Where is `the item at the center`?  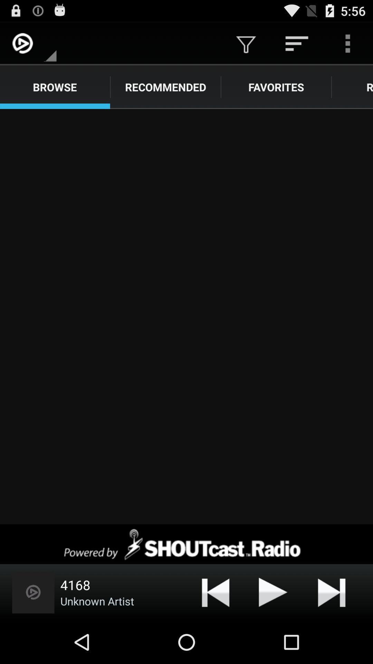
the item at the center is located at coordinates (186, 316).